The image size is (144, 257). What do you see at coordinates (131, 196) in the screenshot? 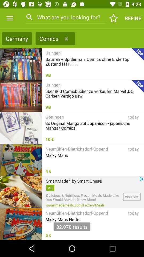
I see `item to the right of delicious nutritious frozen item` at bounding box center [131, 196].